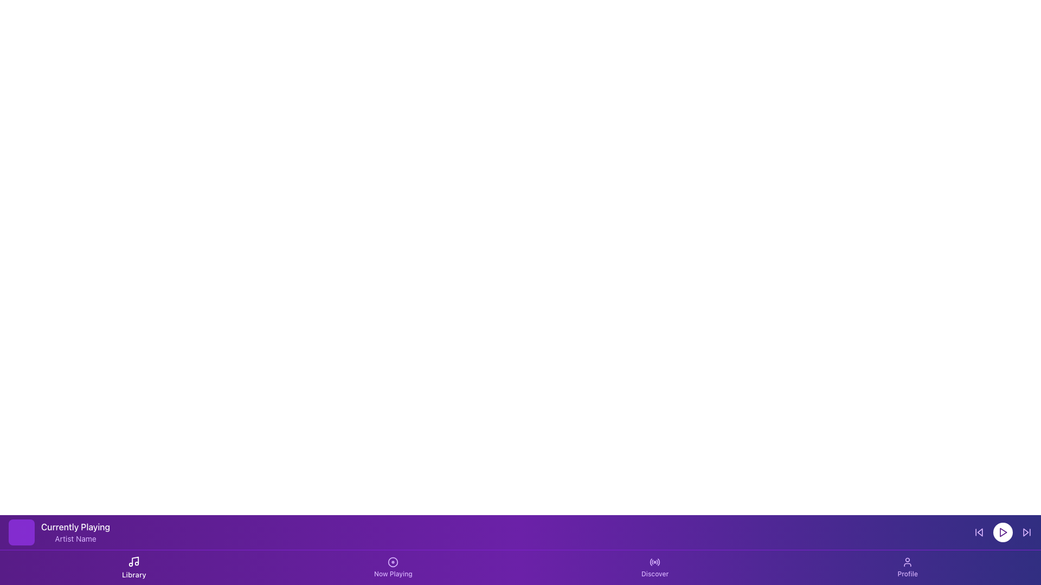  What do you see at coordinates (133, 567) in the screenshot?
I see `the Navigation Button for the Library section located in the bottom navigation bar` at bounding box center [133, 567].